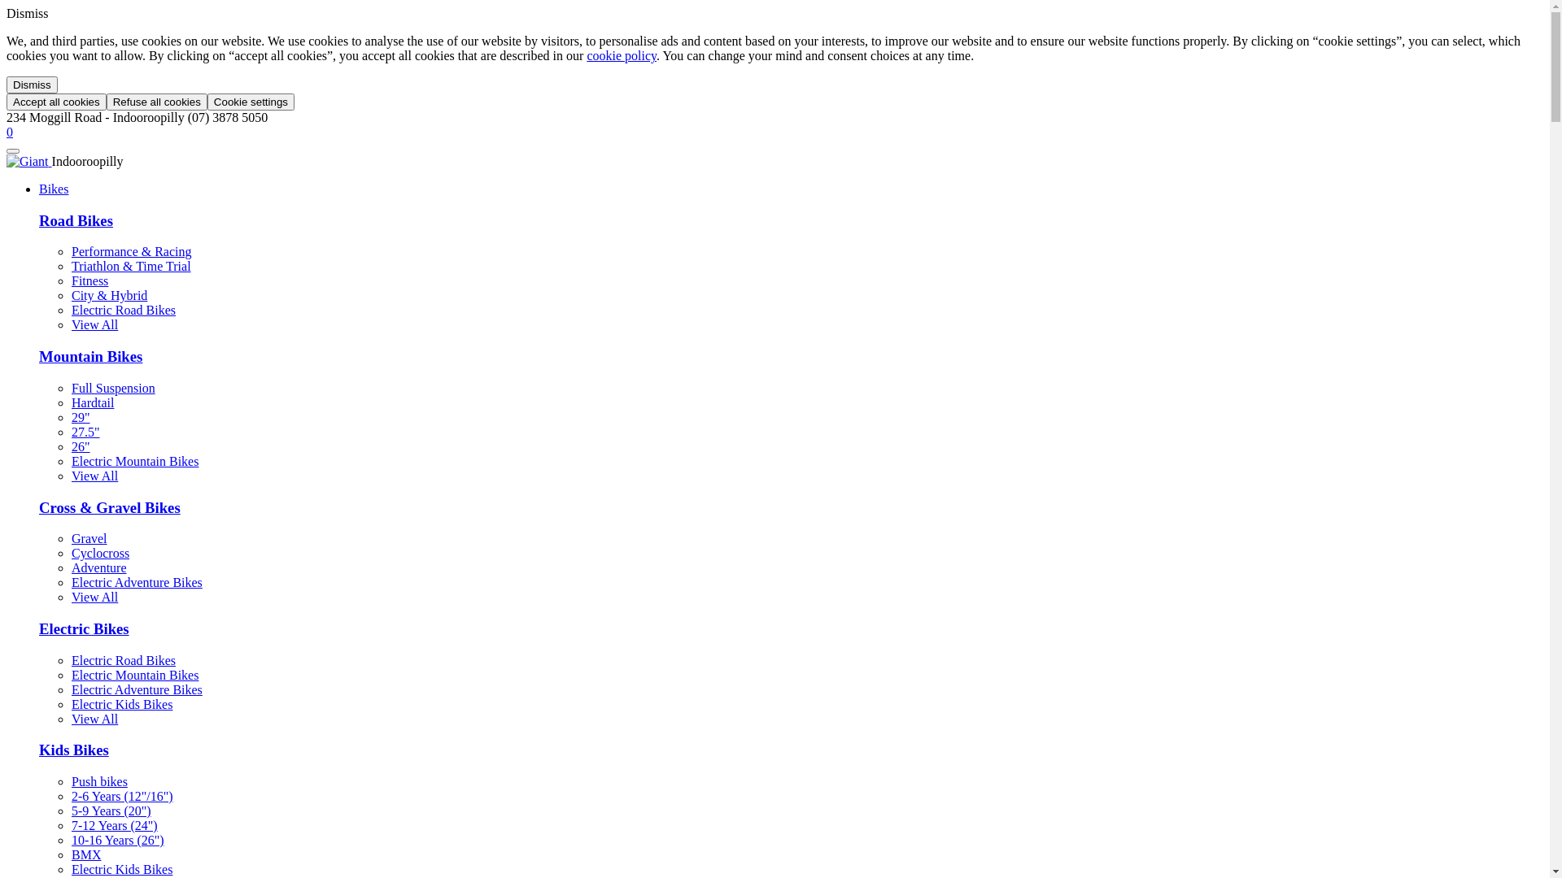 The width and height of the screenshot is (1562, 878). Describe the element at coordinates (39, 188) in the screenshot. I see `'Bikes'` at that location.